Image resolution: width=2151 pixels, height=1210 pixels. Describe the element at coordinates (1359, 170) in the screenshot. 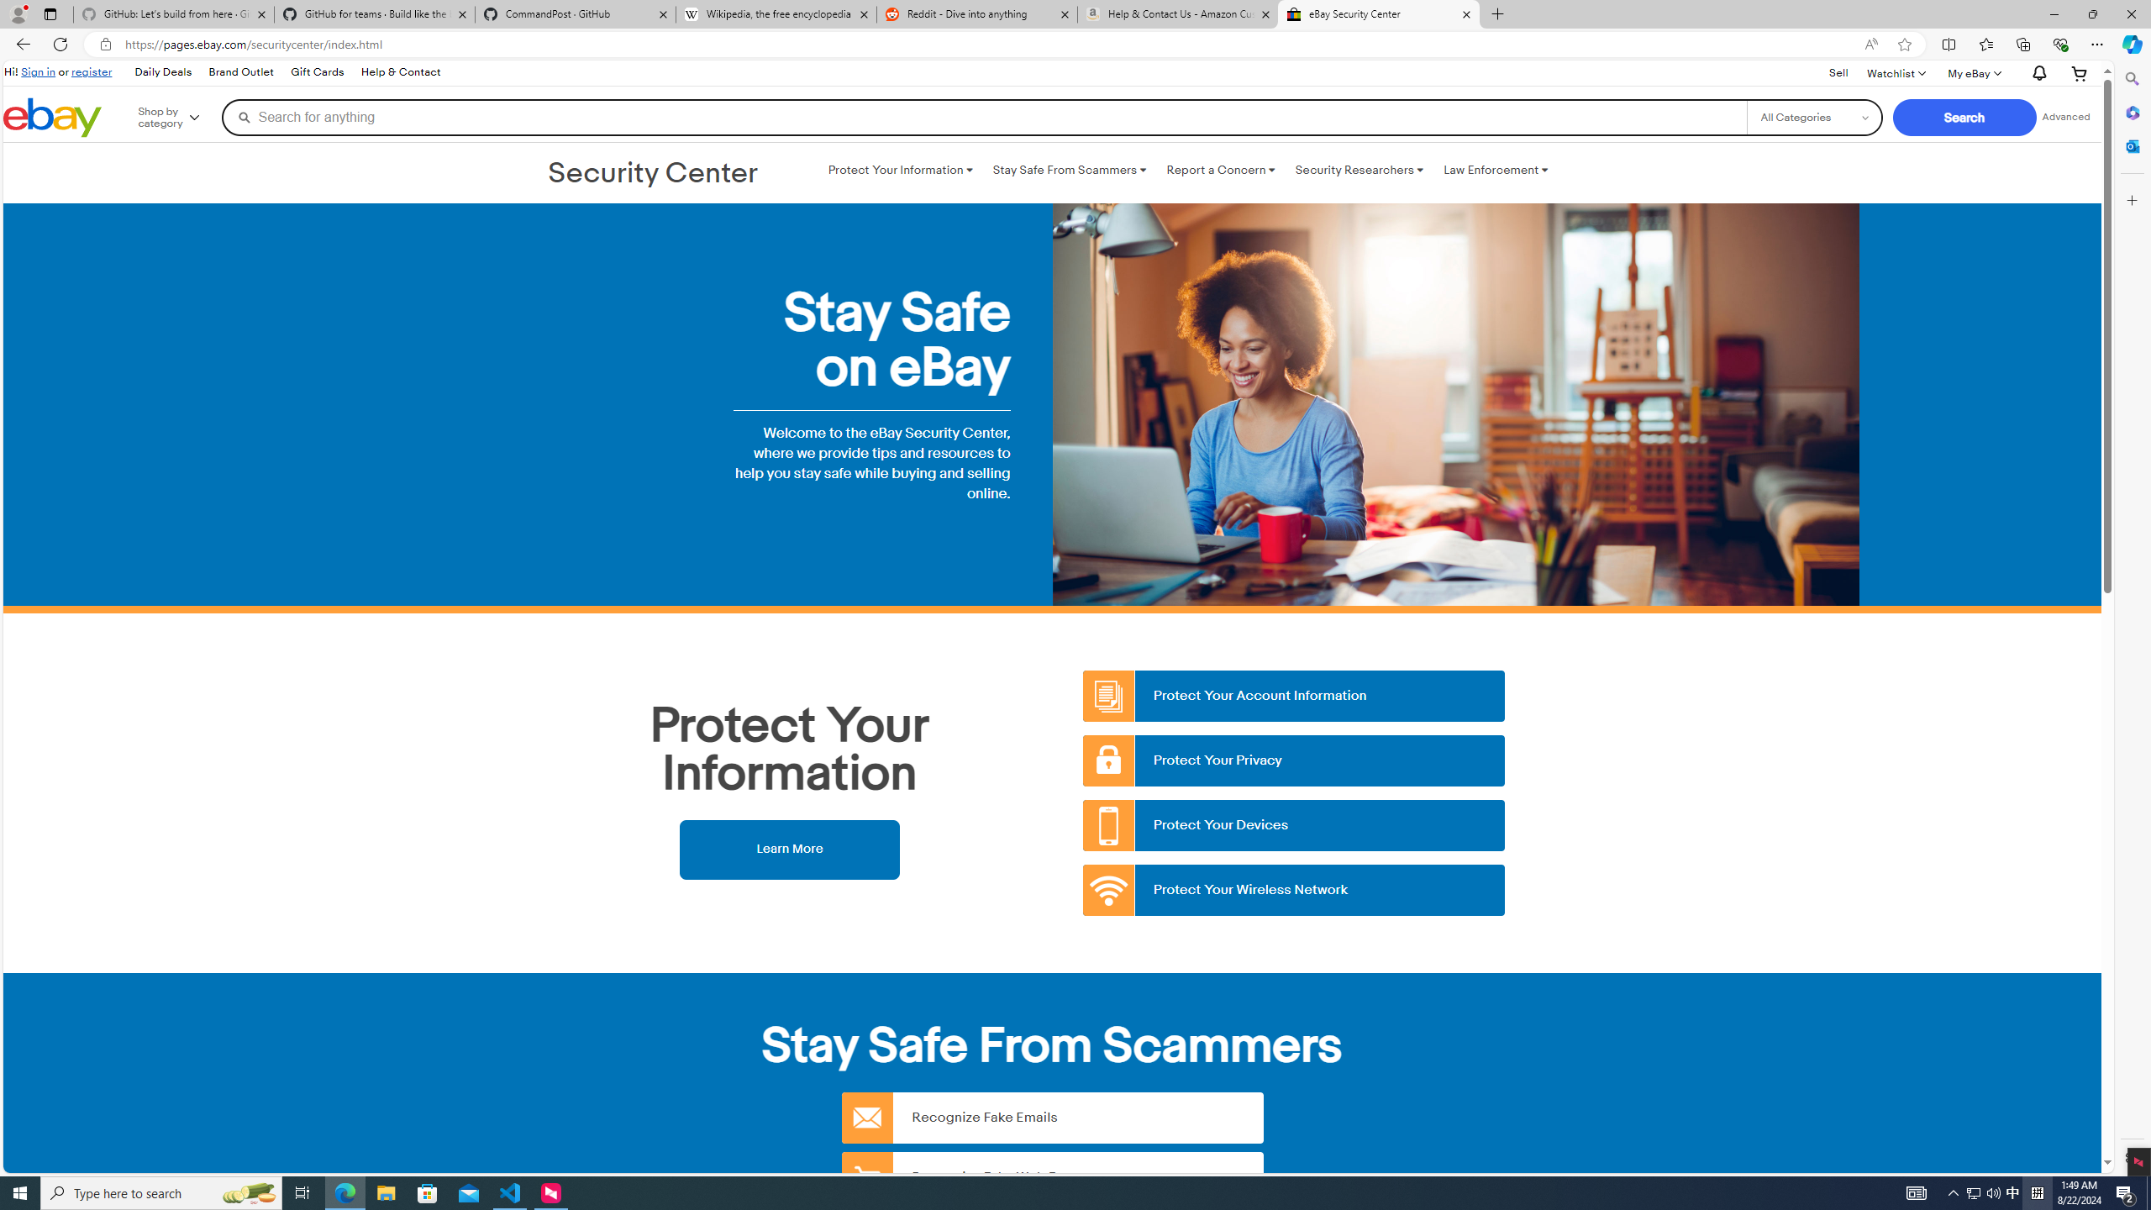

I see `'Security Researchers '` at that location.